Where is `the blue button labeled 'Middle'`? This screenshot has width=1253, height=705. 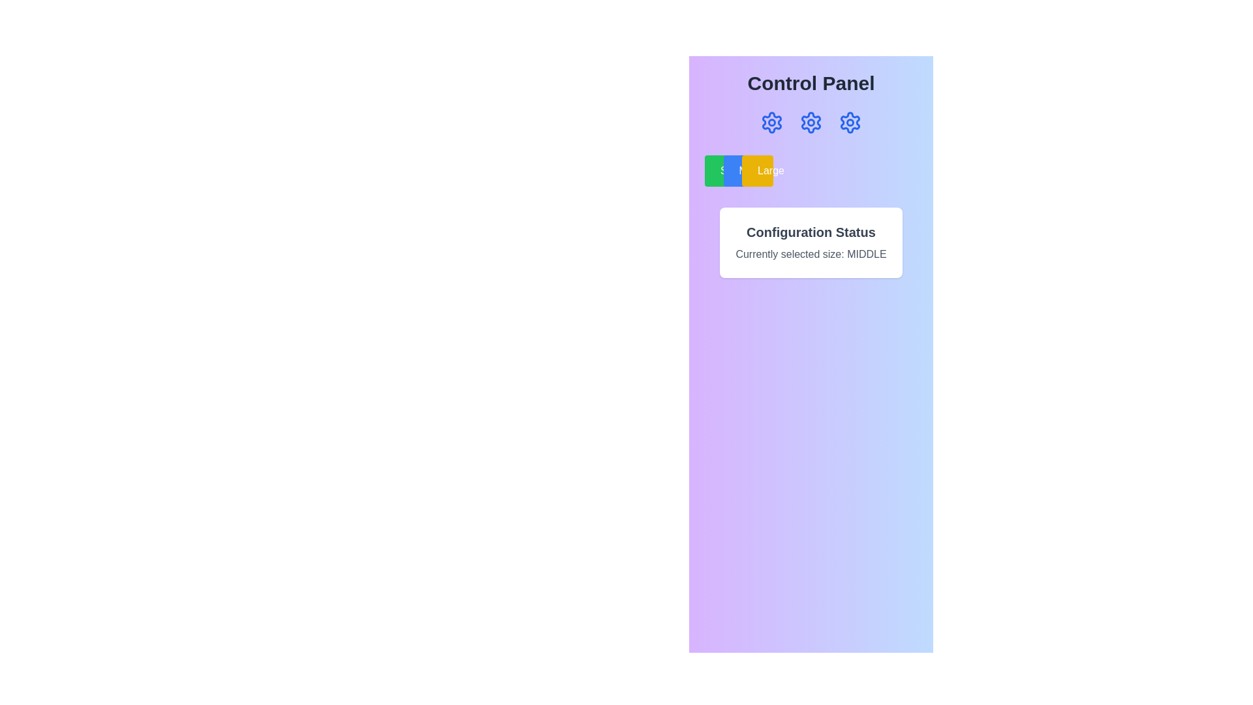
the blue button labeled 'Middle' is located at coordinates (739, 170).